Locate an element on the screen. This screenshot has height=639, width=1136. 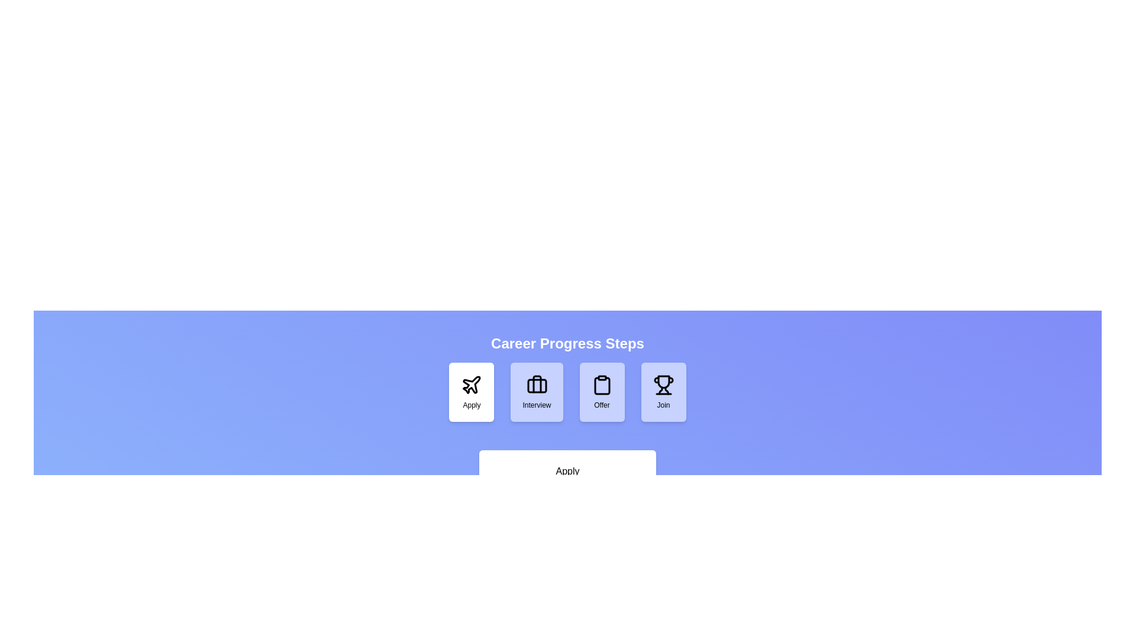
the icon corresponding to the career step Offer is located at coordinates (602, 392).